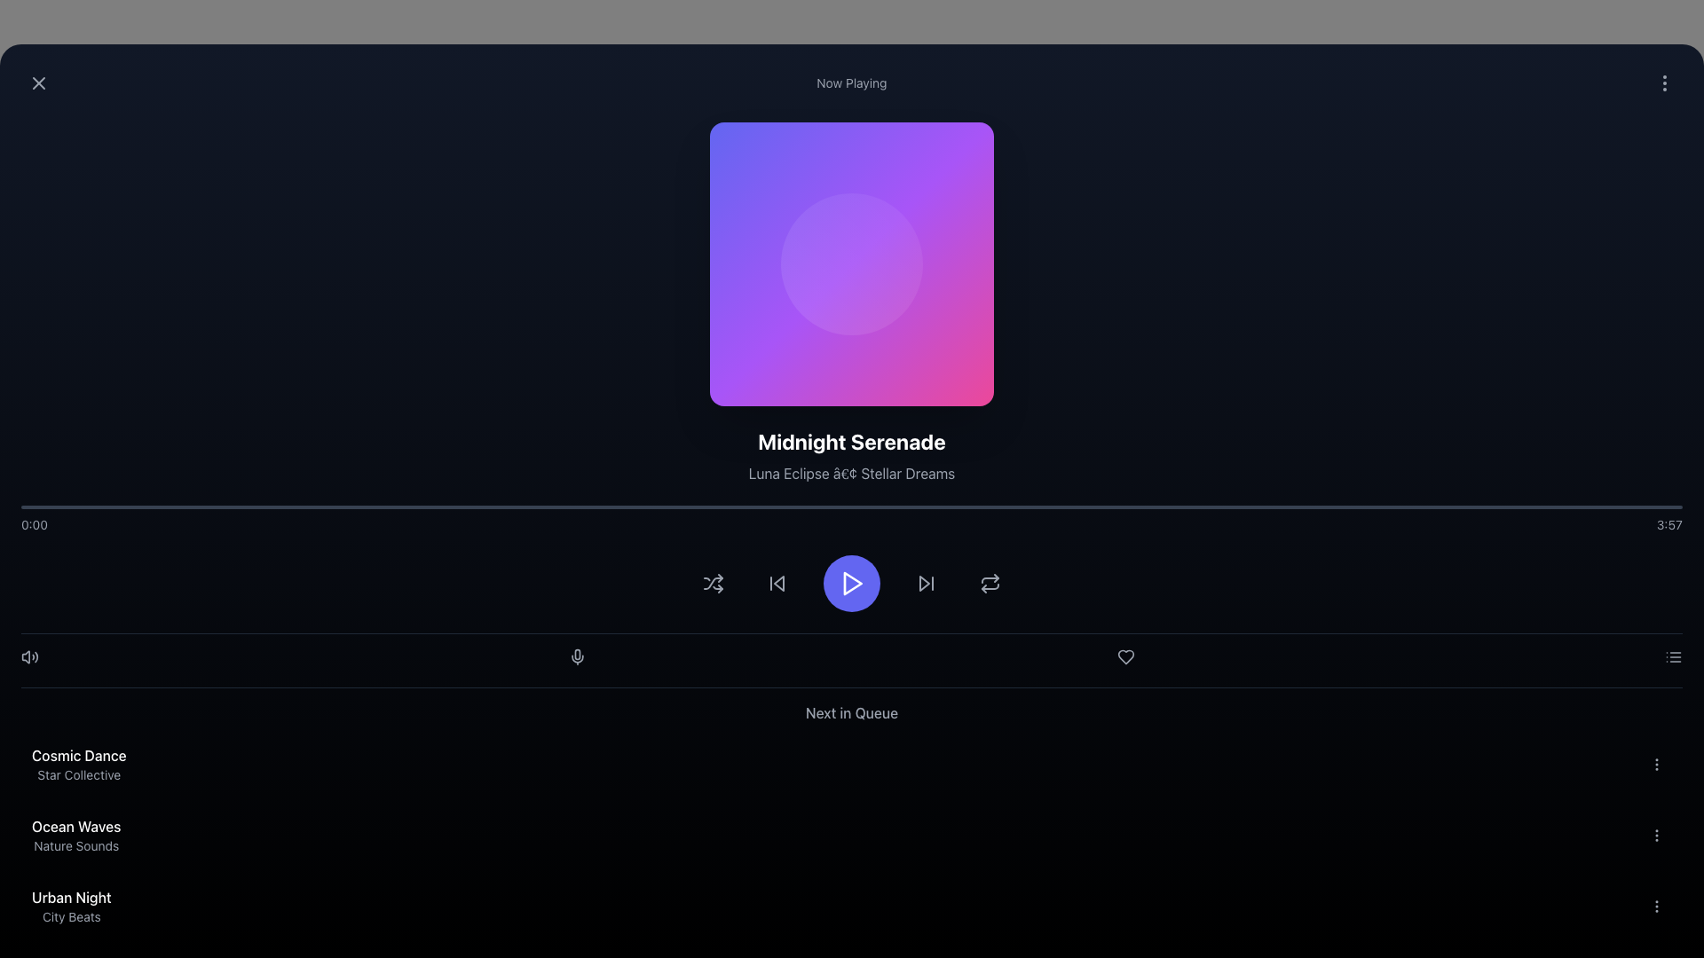 This screenshot has width=1704, height=958. I want to click on the repeat playback icon button, which is the last icon in the row of playback controls, so click(990, 584).